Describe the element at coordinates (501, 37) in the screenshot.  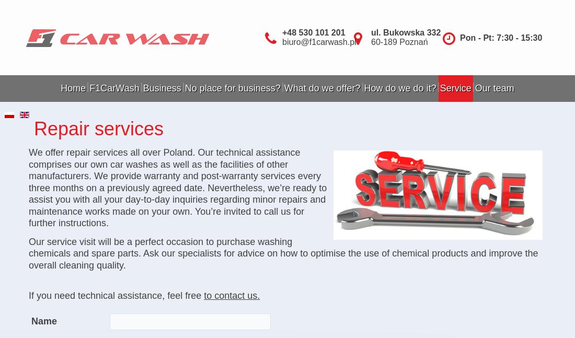
I see `'Pon - Pt: 7:30 - 15:30'` at that location.